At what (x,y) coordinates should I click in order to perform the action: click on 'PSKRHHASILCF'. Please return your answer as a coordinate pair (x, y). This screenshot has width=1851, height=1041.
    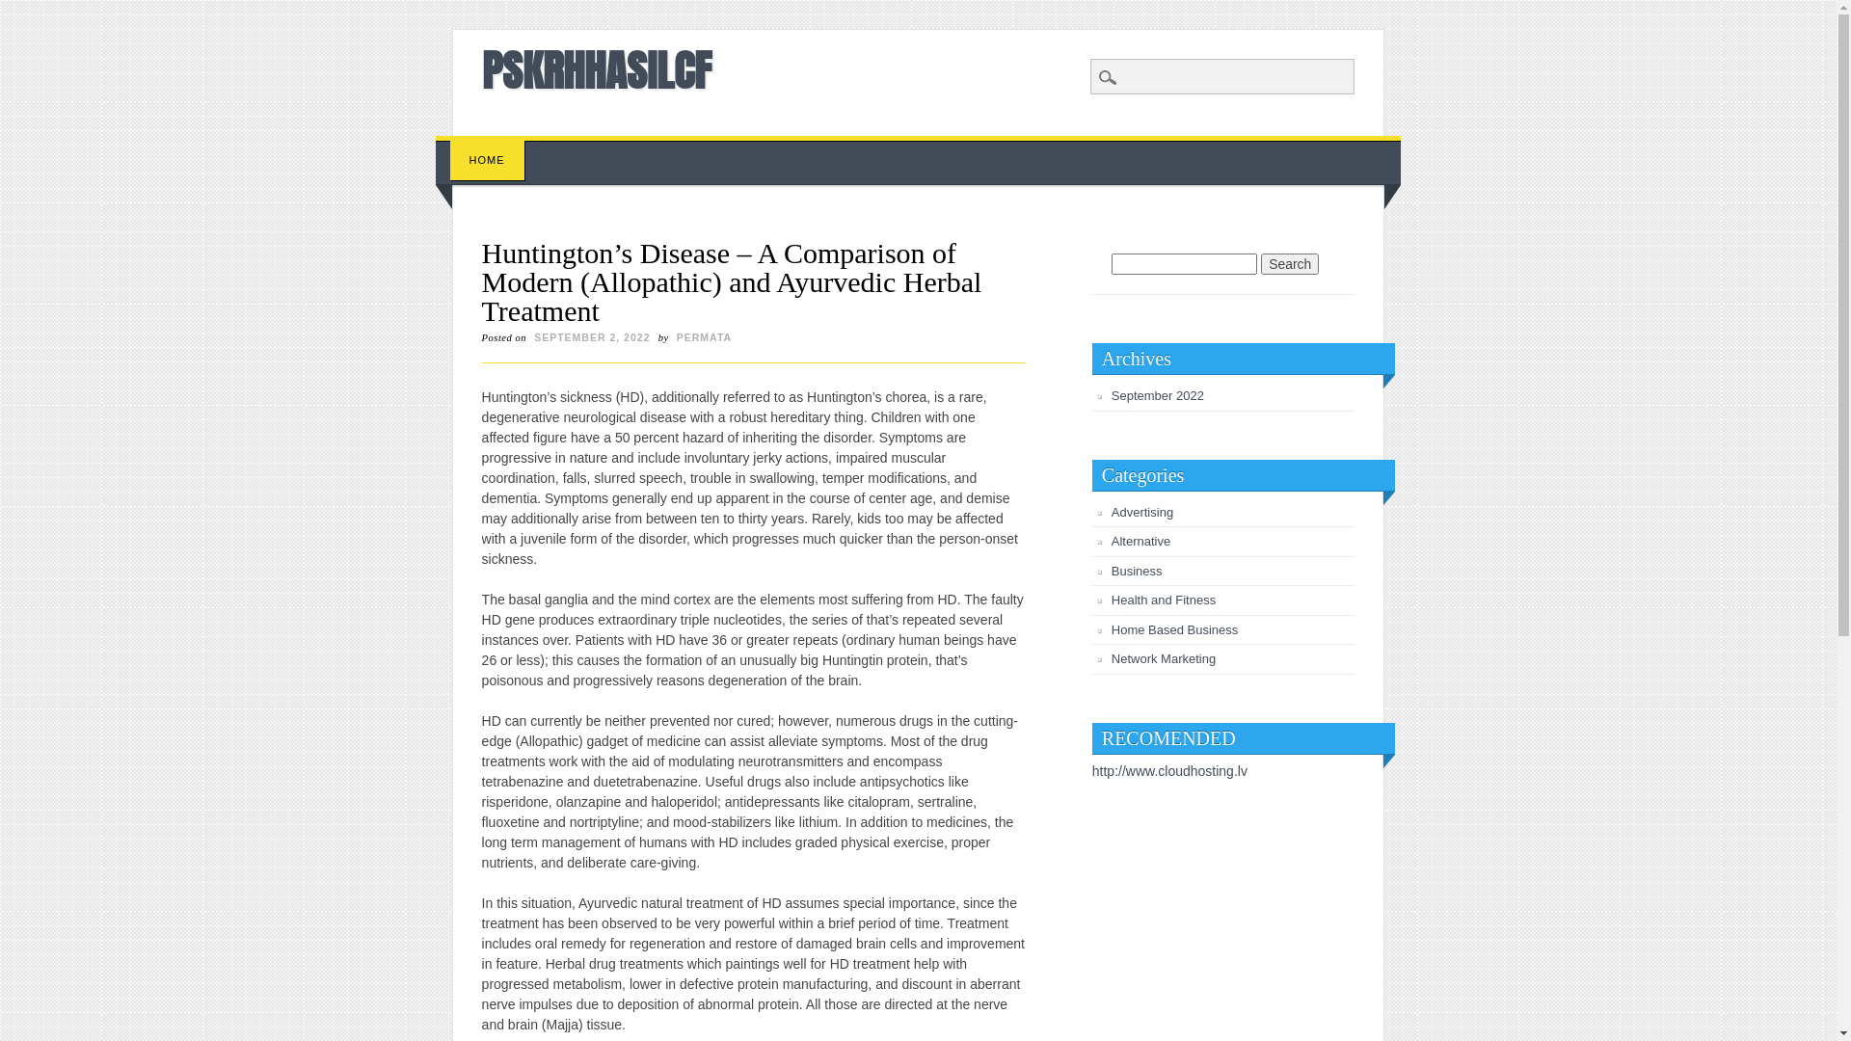
    Looking at the image, I should click on (481, 69).